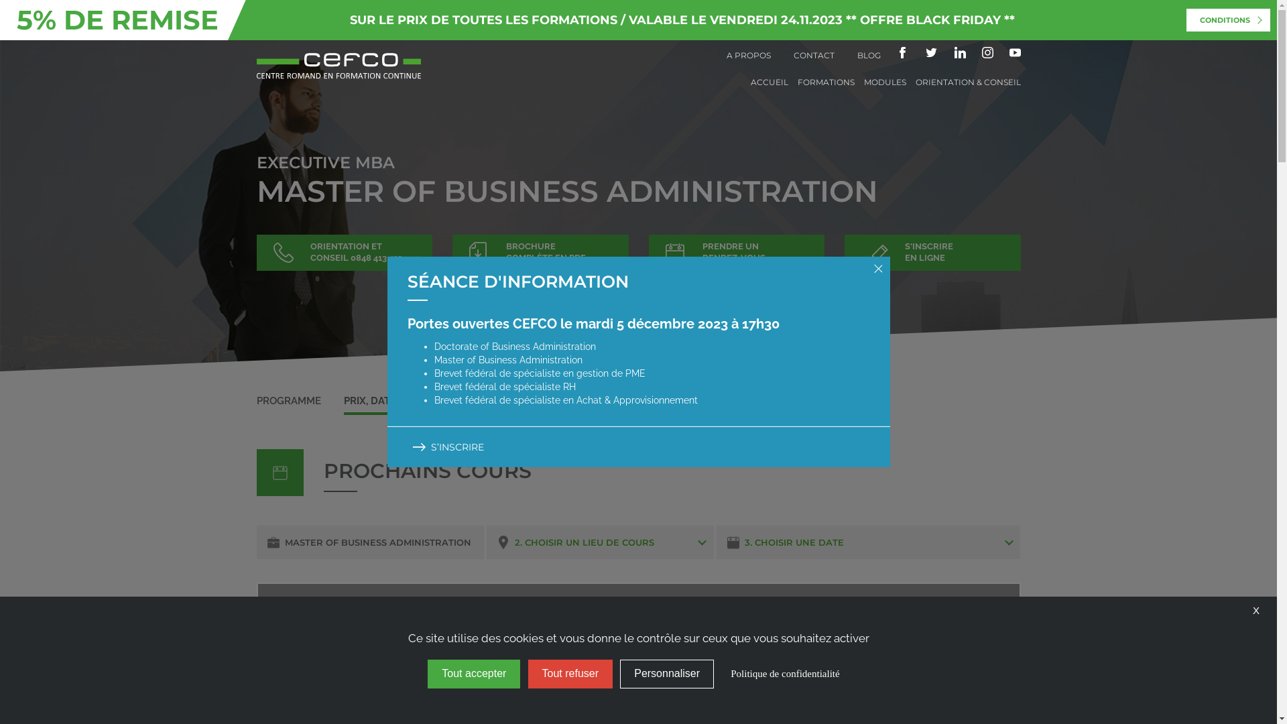  Describe the element at coordinates (570, 674) in the screenshot. I see `'Tout refuser'` at that location.